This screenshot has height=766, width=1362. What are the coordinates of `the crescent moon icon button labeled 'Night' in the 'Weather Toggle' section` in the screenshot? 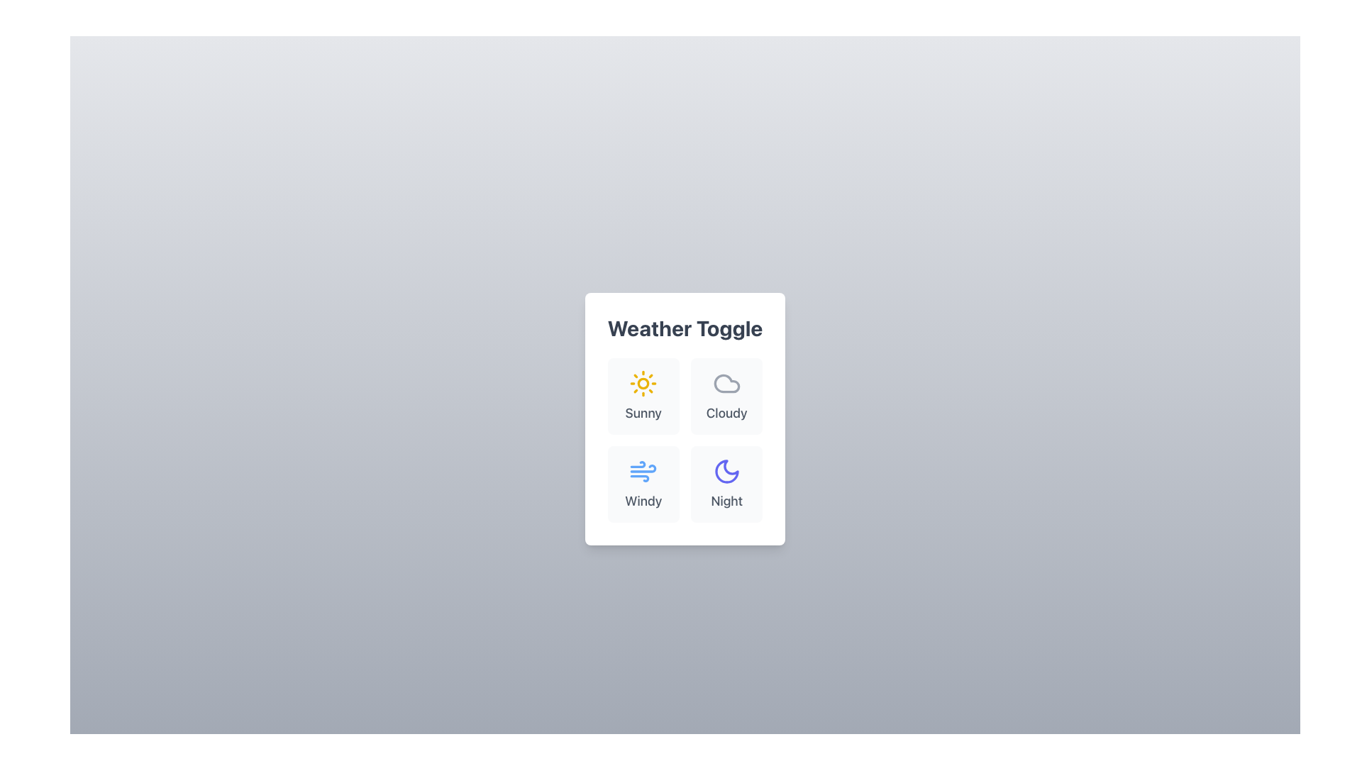 It's located at (726, 471).